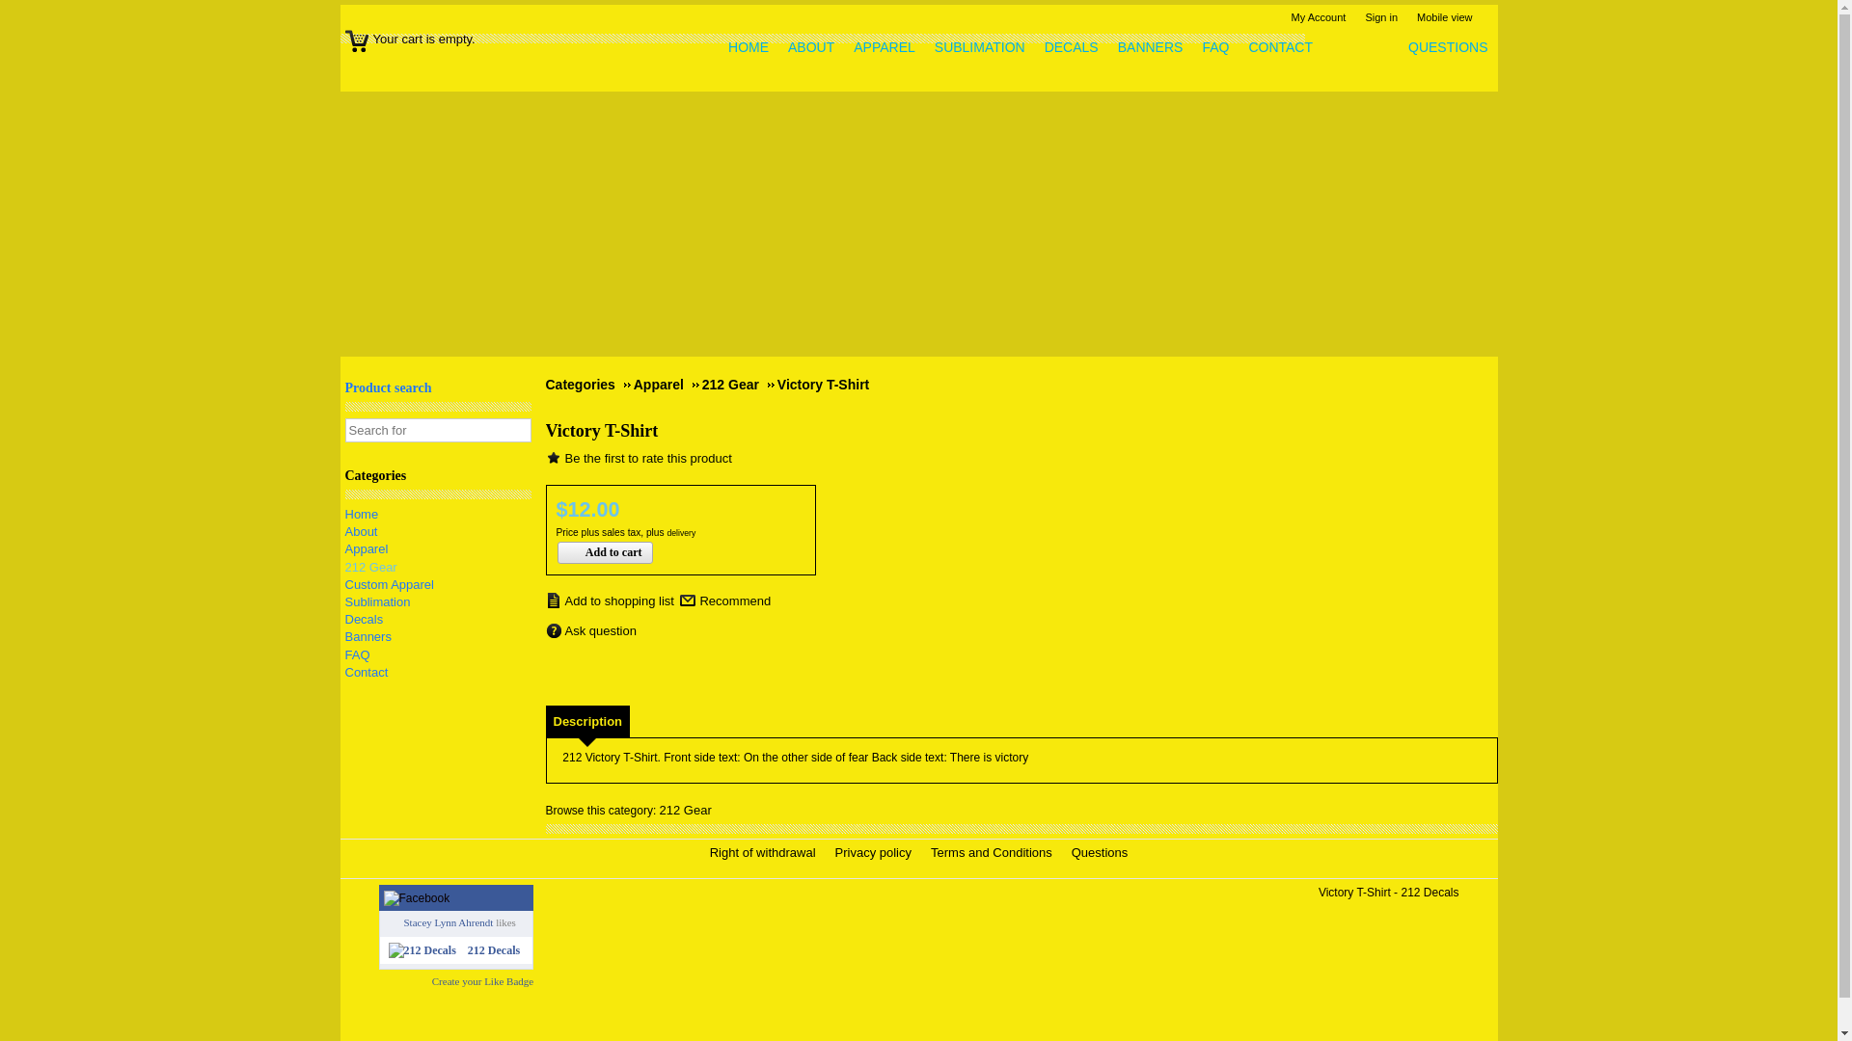  Describe the element at coordinates (737, 384) in the screenshot. I see `'212 Gear'` at that location.